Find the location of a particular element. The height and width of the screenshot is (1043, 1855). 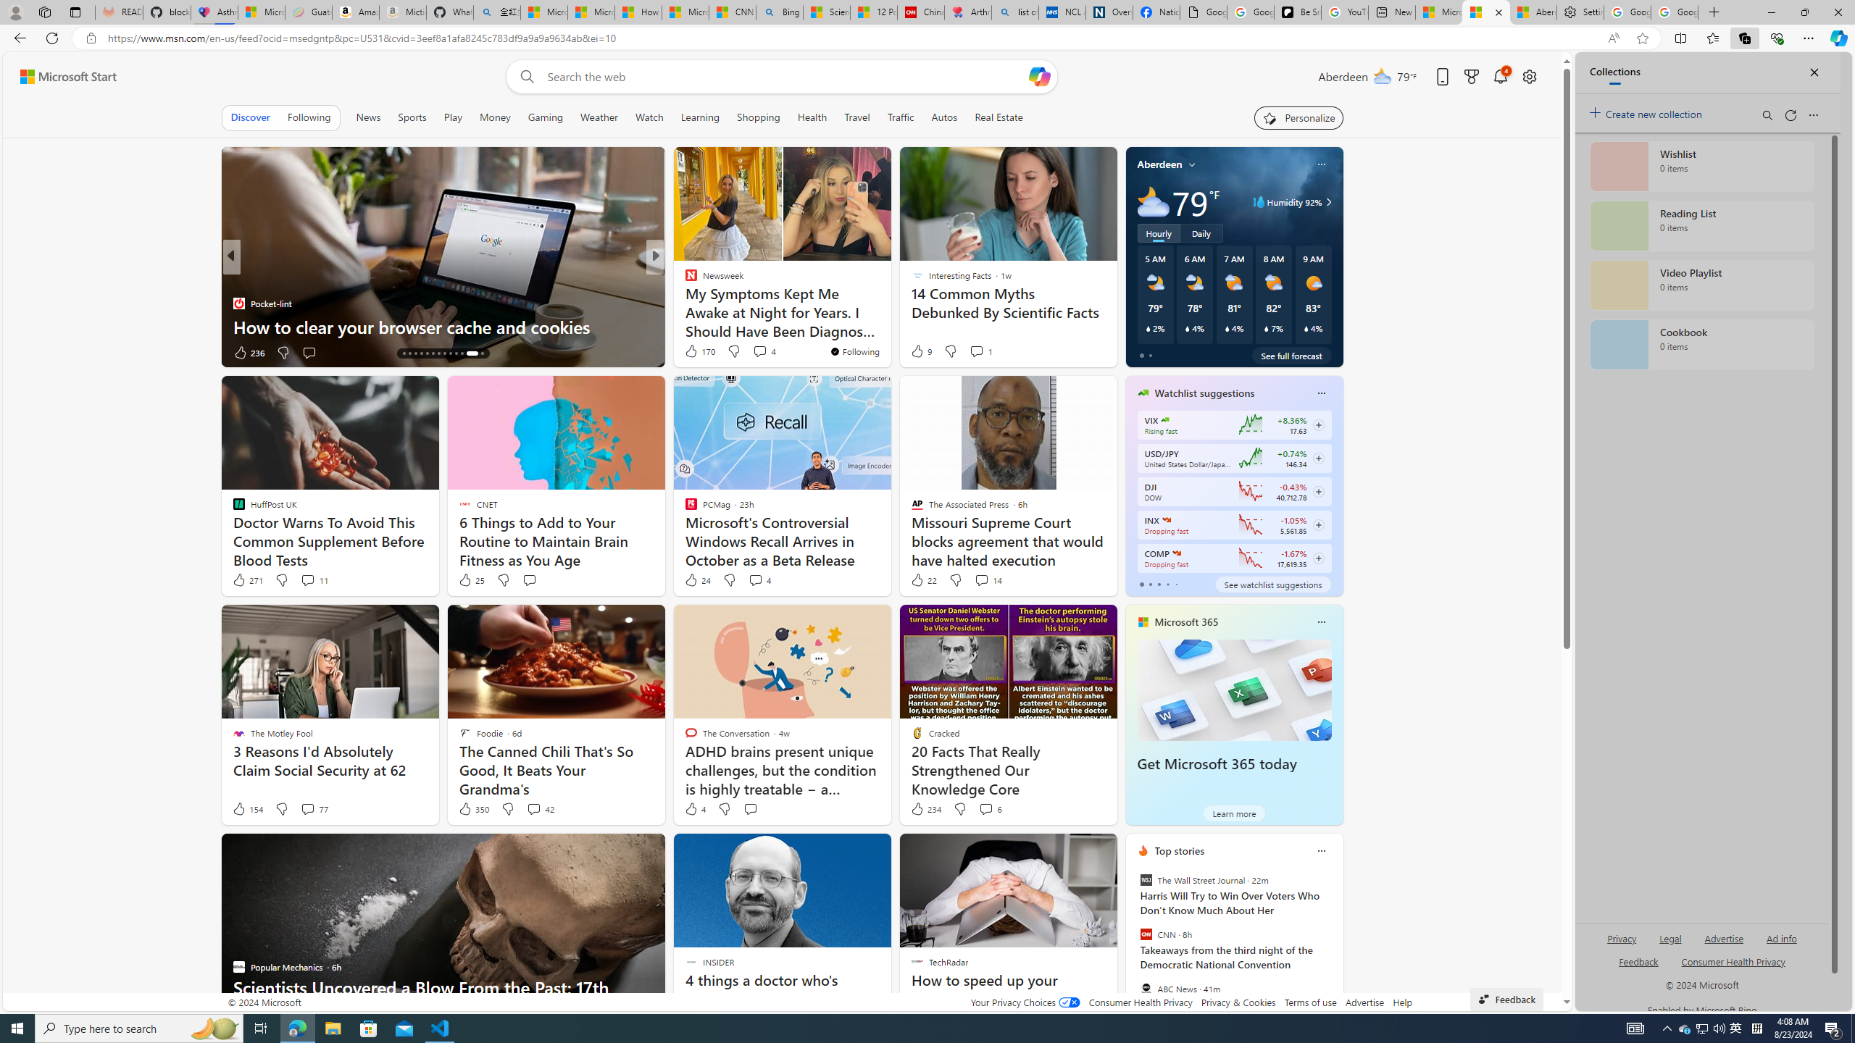

'Health' is located at coordinates (812, 117).